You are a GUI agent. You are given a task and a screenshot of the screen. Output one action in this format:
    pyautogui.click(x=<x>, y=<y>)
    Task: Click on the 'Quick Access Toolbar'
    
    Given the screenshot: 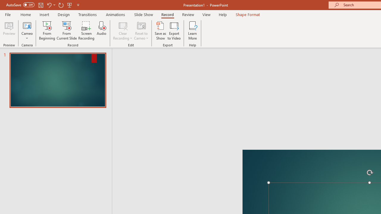 What is the action you would take?
    pyautogui.click(x=43, y=5)
    